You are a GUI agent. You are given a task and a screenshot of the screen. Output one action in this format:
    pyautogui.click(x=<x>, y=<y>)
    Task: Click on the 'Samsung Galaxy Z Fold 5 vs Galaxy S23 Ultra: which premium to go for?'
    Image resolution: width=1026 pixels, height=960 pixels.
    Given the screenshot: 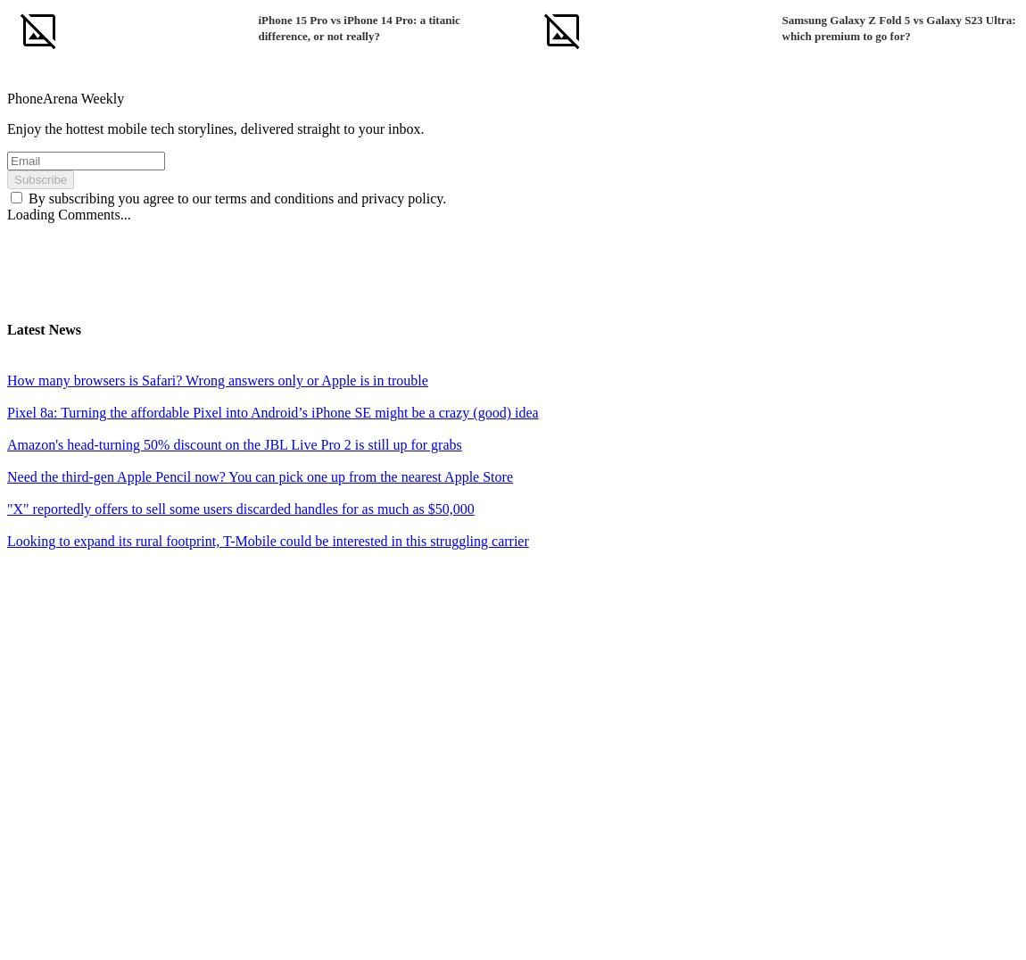 What is the action you would take?
    pyautogui.click(x=898, y=26)
    